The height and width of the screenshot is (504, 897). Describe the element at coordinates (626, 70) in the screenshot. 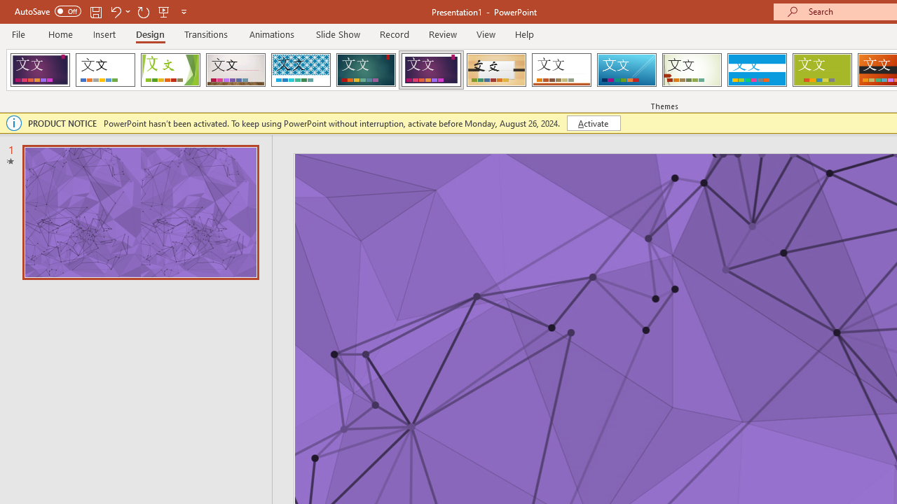

I see `'Slice'` at that location.